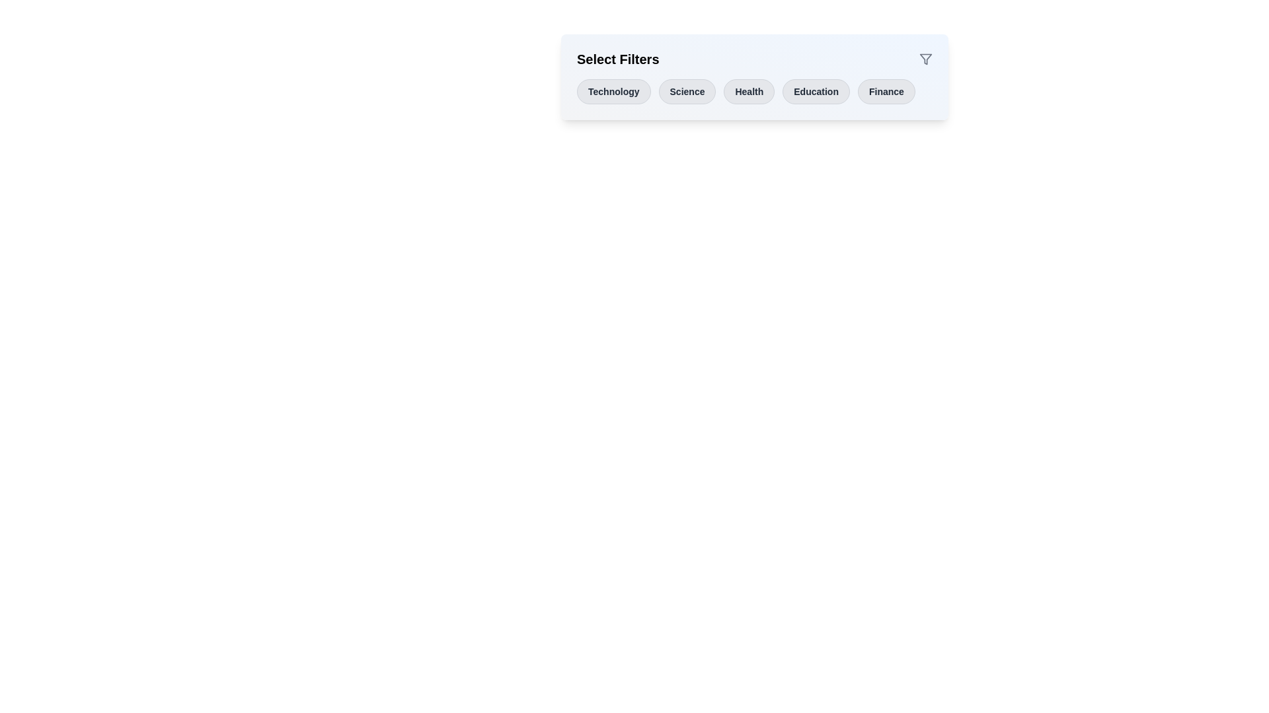  Describe the element at coordinates (925, 58) in the screenshot. I see `the filter icon to interact with it` at that location.